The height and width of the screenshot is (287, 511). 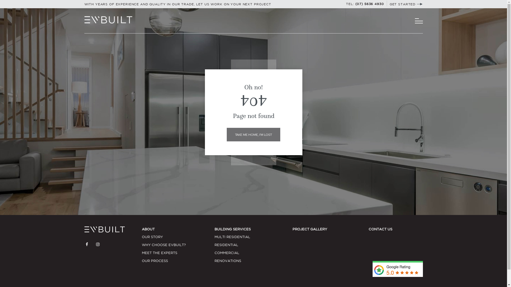 What do you see at coordinates (292, 229) in the screenshot?
I see `'PROJECT GALLERY'` at bounding box center [292, 229].